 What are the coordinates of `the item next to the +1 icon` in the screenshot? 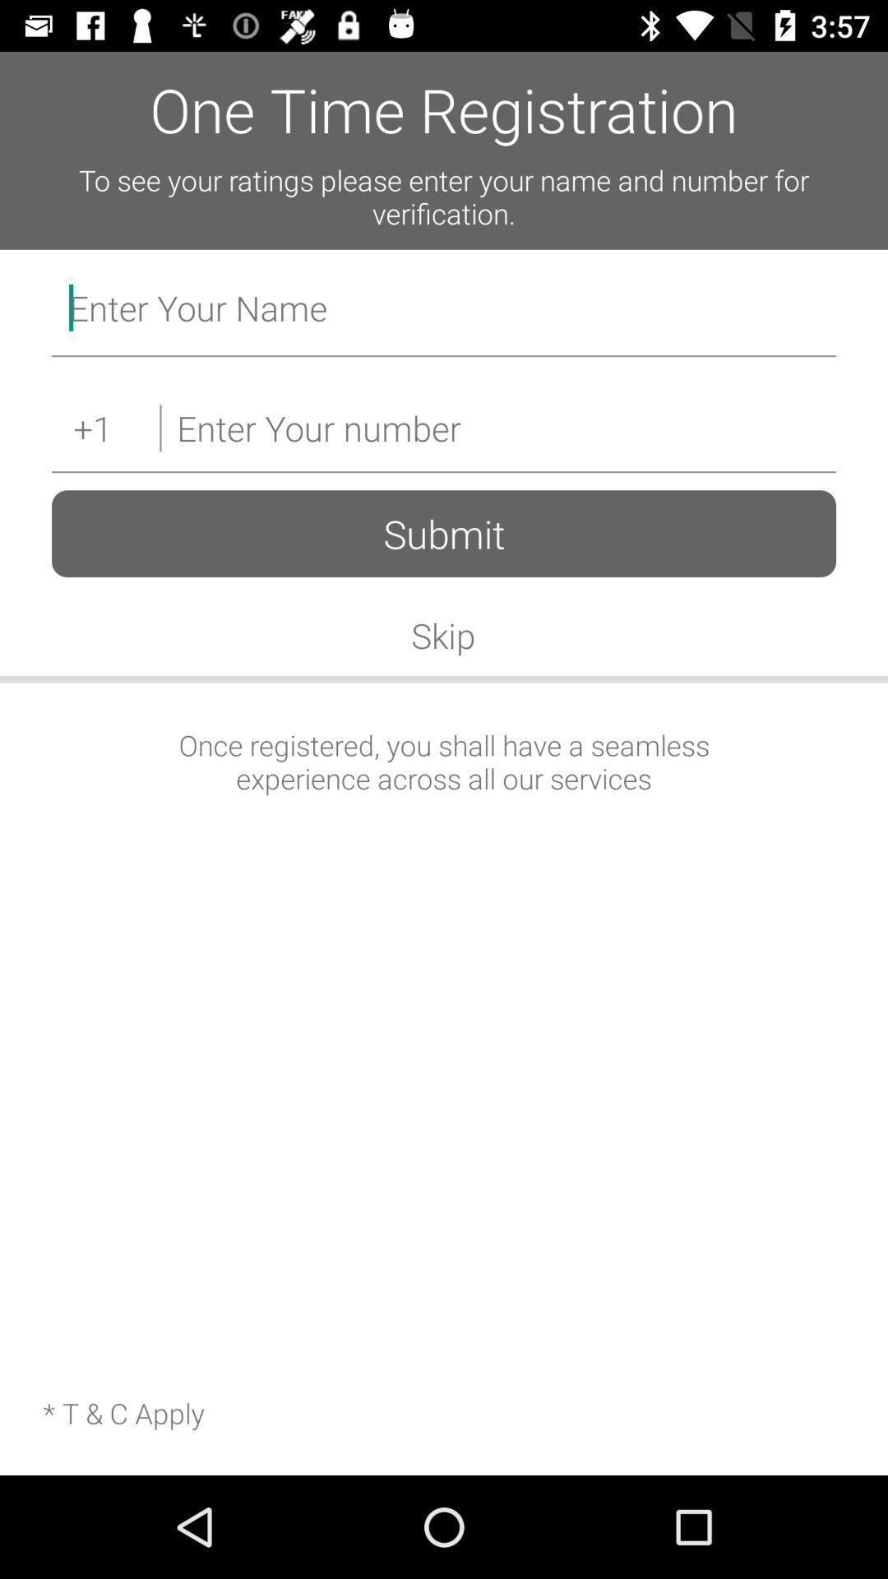 It's located at (497, 428).